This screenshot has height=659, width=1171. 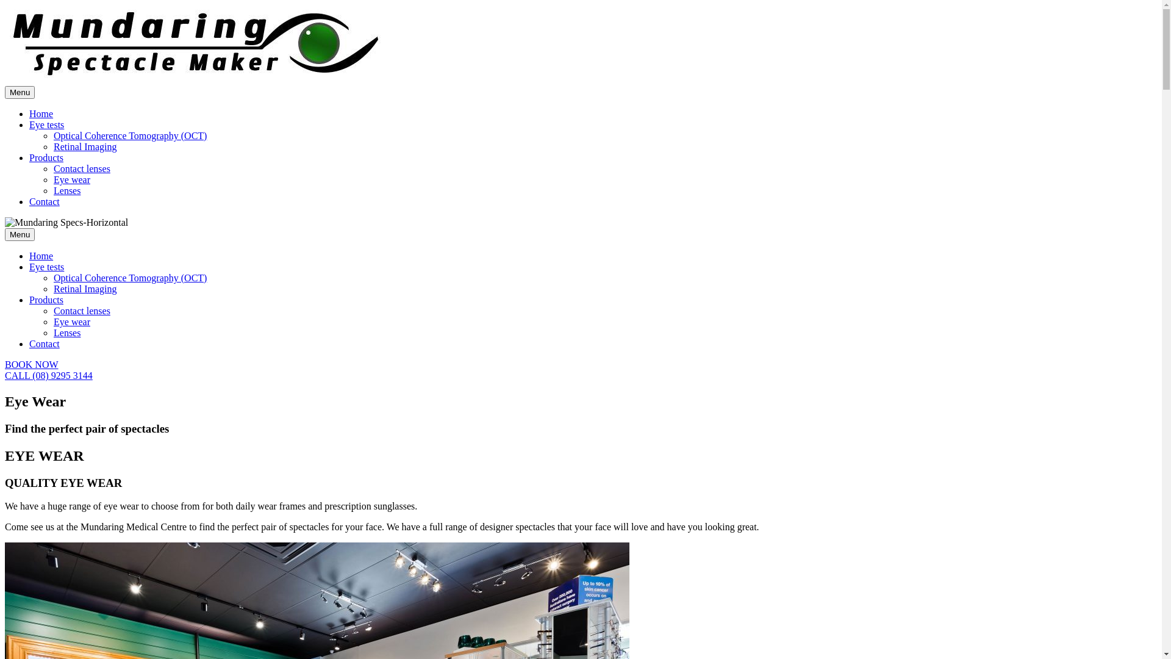 I want to click on 'Products', so click(x=46, y=157).